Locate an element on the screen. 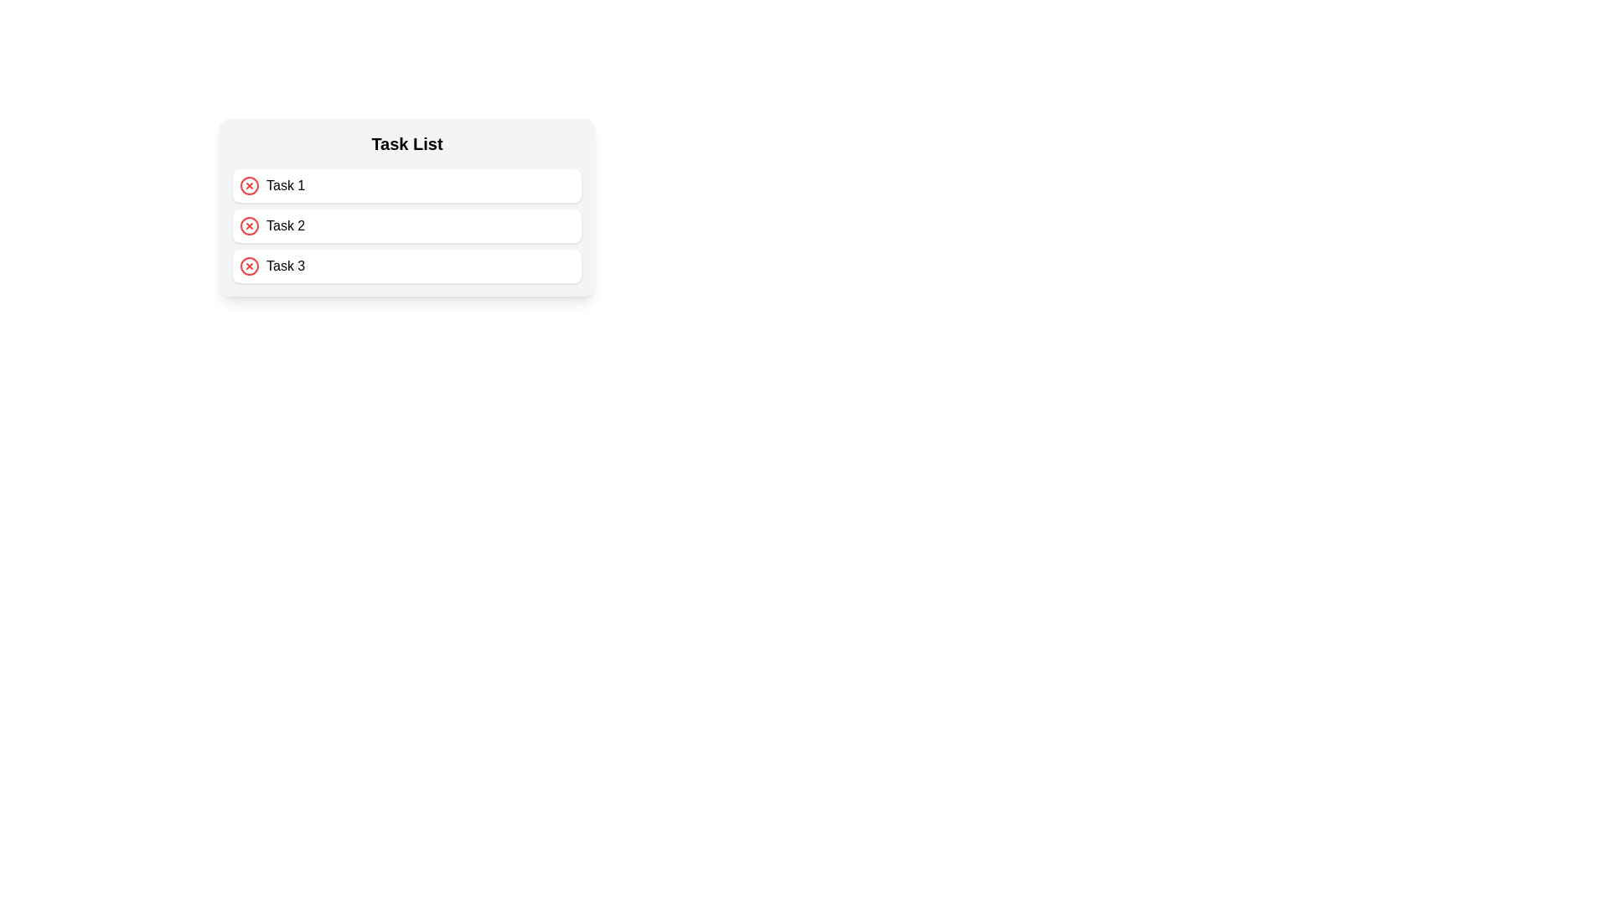 This screenshot has height=905, width=1609. the text label displaying 'Task 2', which is located to the right of a red circular icon within the second item of the 'Task List' is located at coordinates (286, 226).